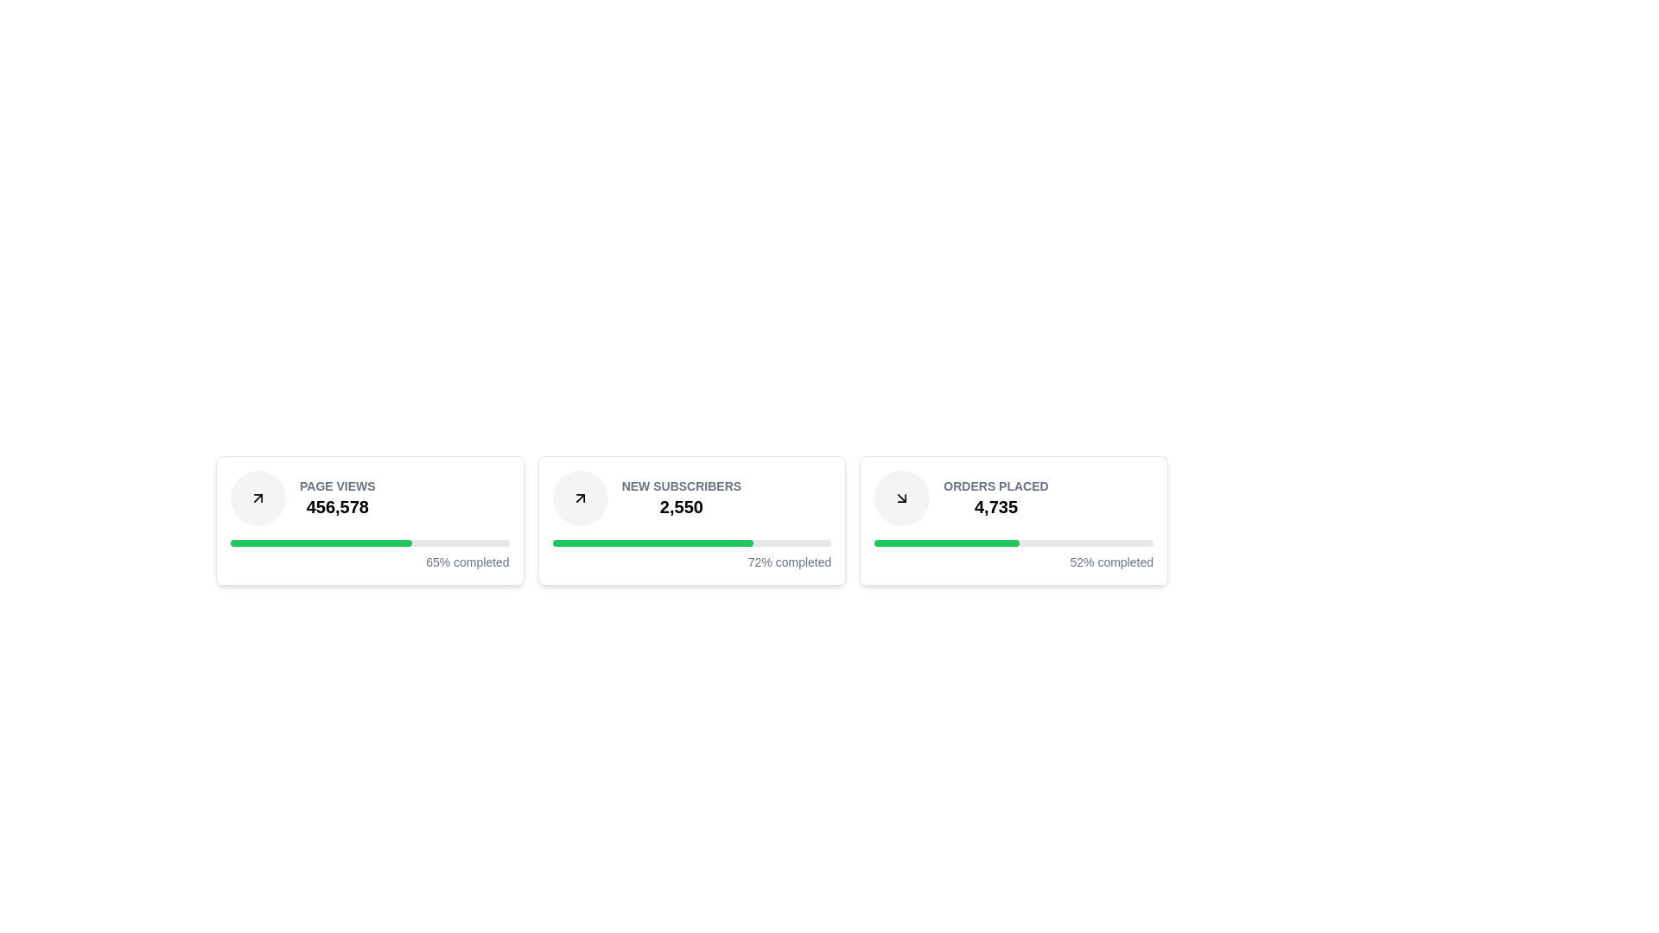 This screenshot has height=933, width=1659. What do you see at coordinates (995, 505) in the screenshot?
I see `bold number '4,735' displayed beneath the label 'ORDERS PLACED' in the white card interface` at bounding box center [995, 505].